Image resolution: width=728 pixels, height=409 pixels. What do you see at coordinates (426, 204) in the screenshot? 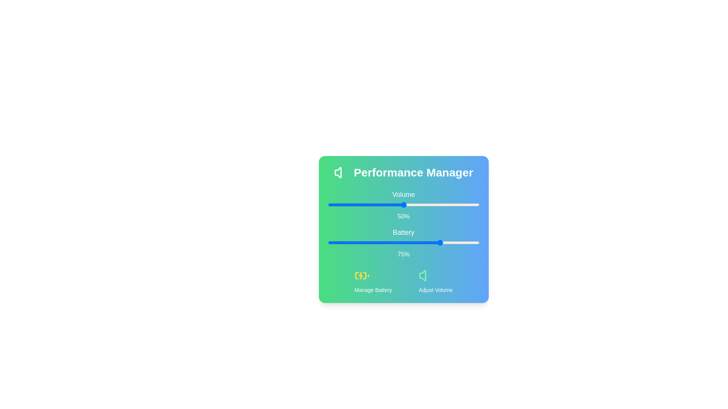
I see `the volume slider to 65%` at bounding box center [426, 204].